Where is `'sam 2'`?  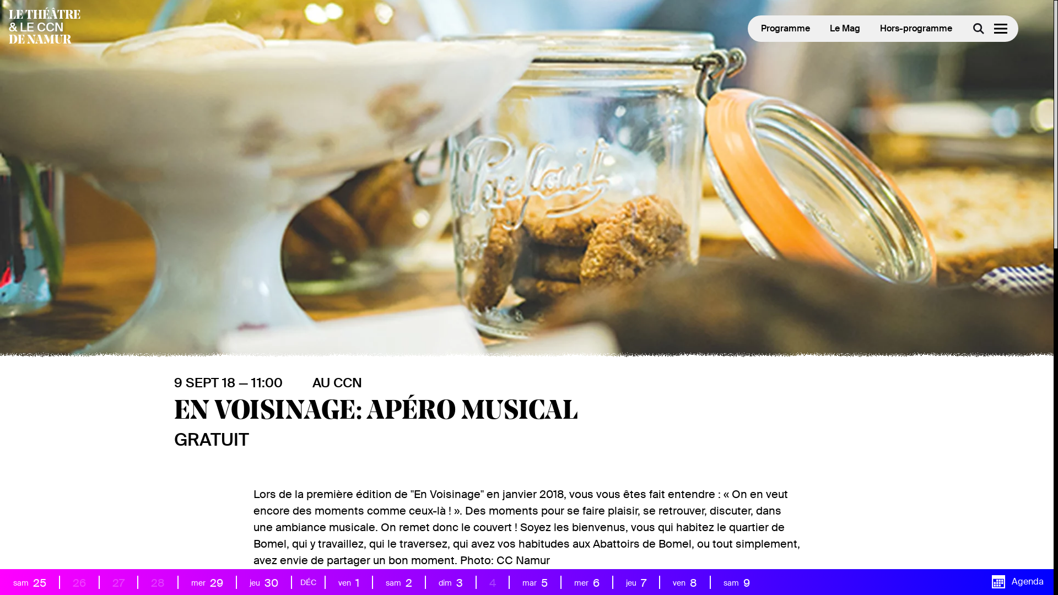 'sam 2' is located at coordinates (377, 582).